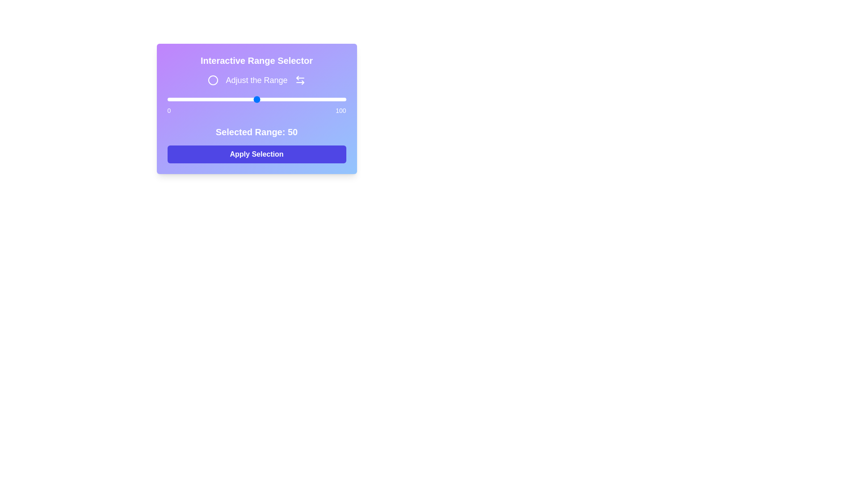 The width and height of the screenshot is (858, 482). Describe the element at coordinates (167, 100) in the screenshot. I see `the slider to set the range to 0` at that location.